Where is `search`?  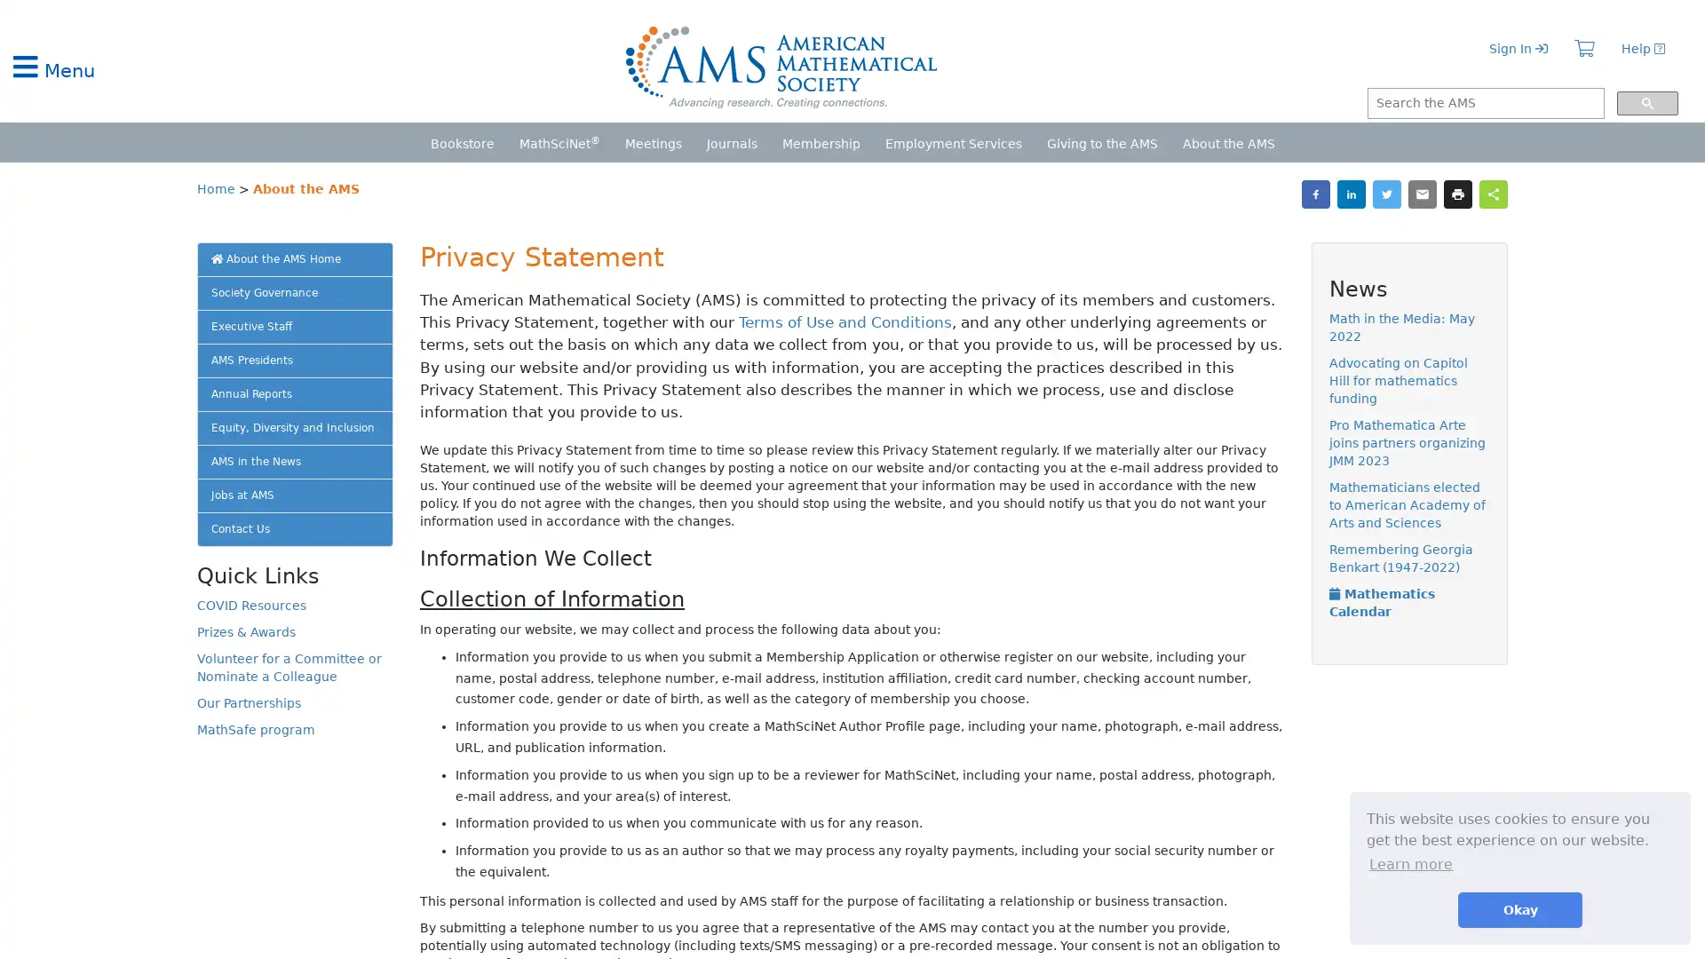
search is located at coordinates (1646, 103).